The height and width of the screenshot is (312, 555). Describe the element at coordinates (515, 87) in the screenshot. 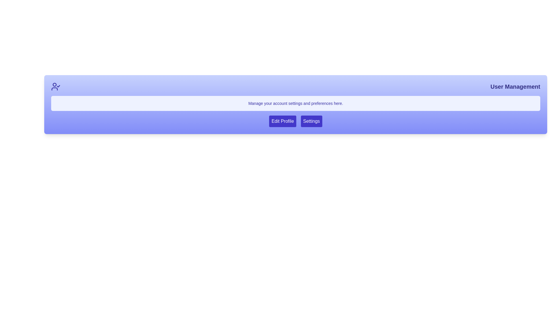

I see `the content of the Label element located in the top-right corner of the User Management section header` at that location.